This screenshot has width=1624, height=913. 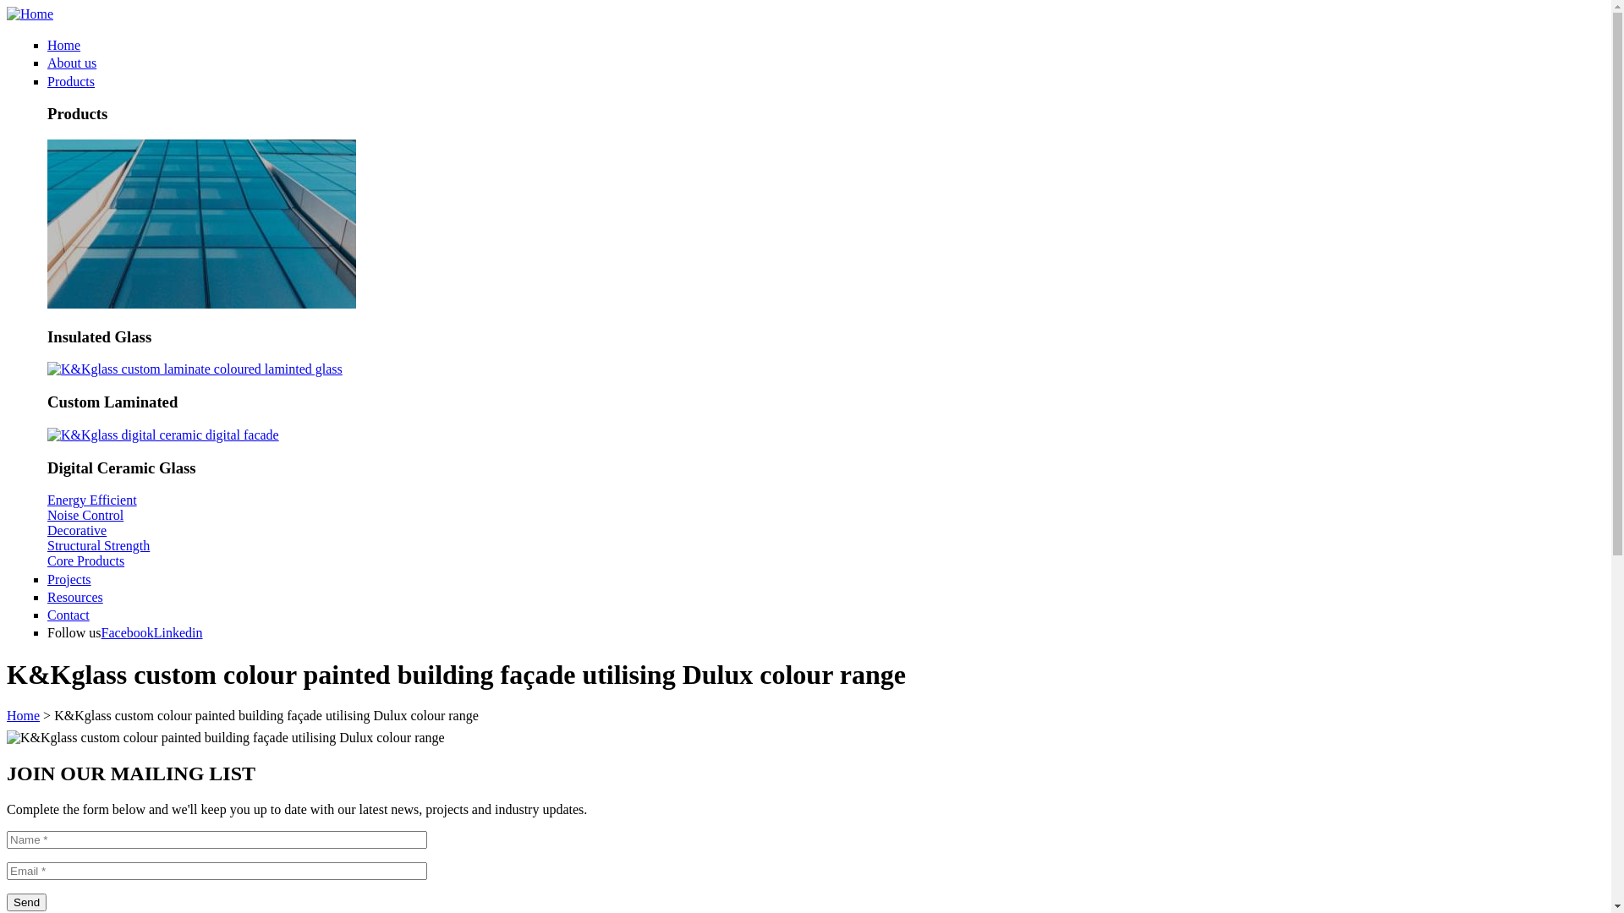 What do you see at coordinates (85, 560) in the screenshot?
I see `'Core Products'` at bounding box center [85, 560].